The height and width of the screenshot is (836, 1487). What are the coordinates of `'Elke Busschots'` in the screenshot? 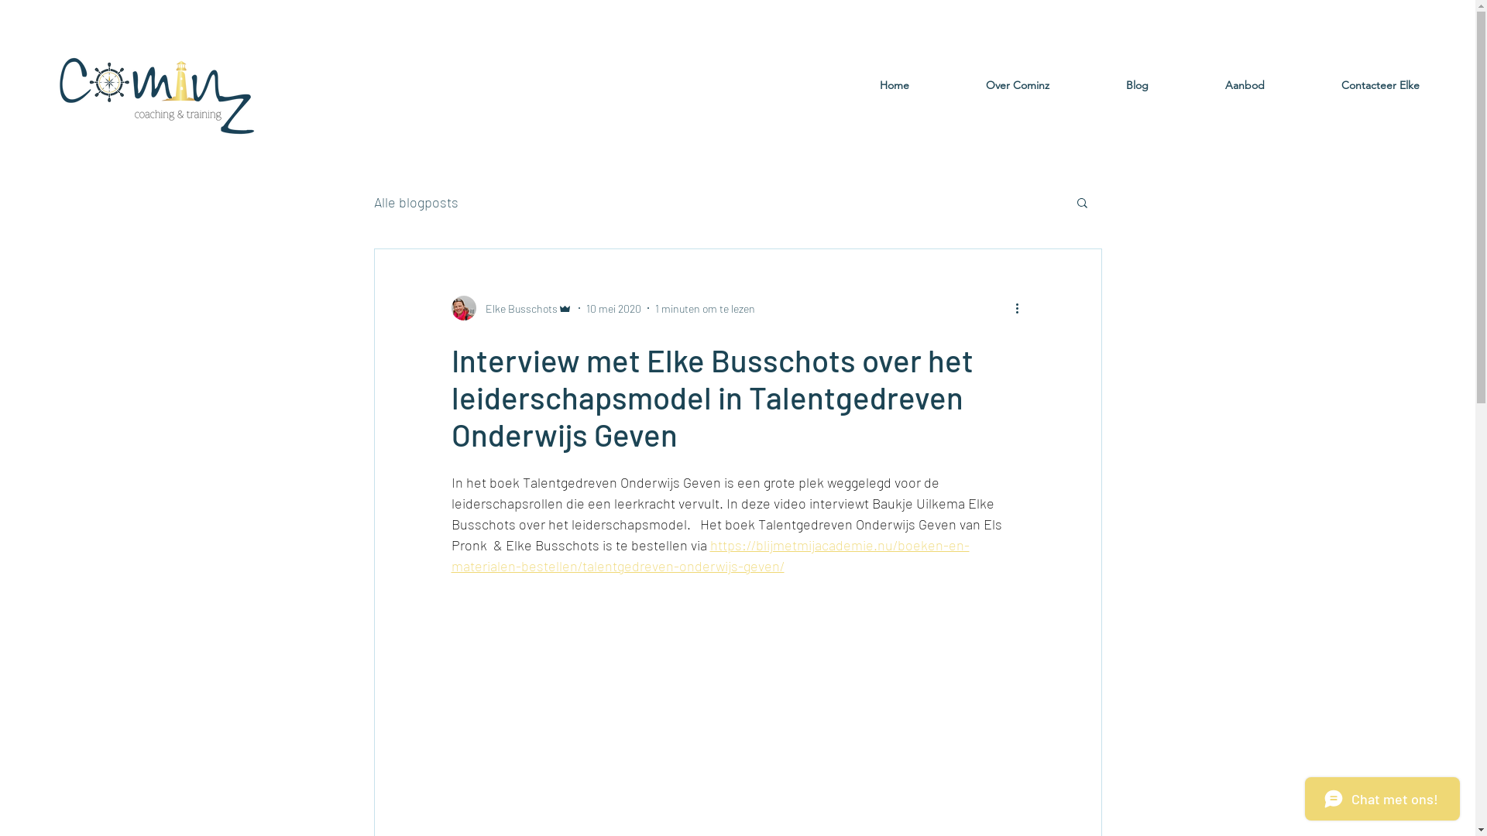 It's located at (511, 307).